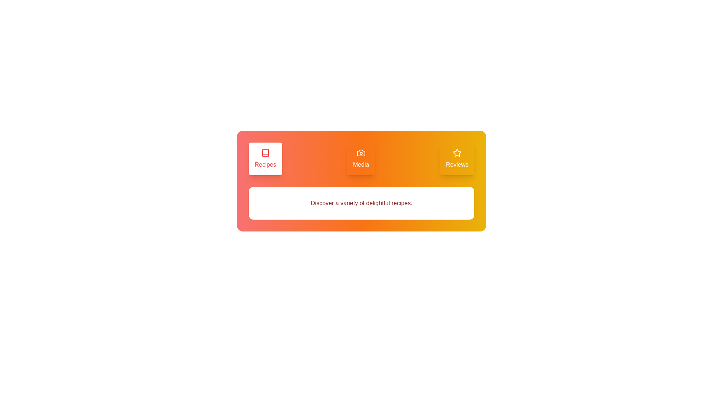  Describe the element at coordinates (361, 158) in the screenshot. I see `the Media tab` at that location.